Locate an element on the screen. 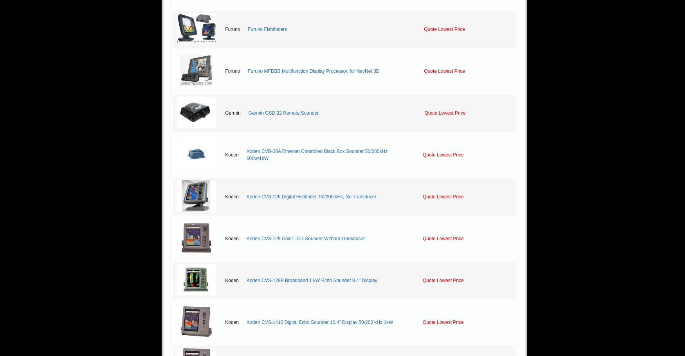  'Koden CVB-20A Ethernet Controlled Black Box Sounder 50/200kHz 600w/1kW' is located at coordinates (316, 155).